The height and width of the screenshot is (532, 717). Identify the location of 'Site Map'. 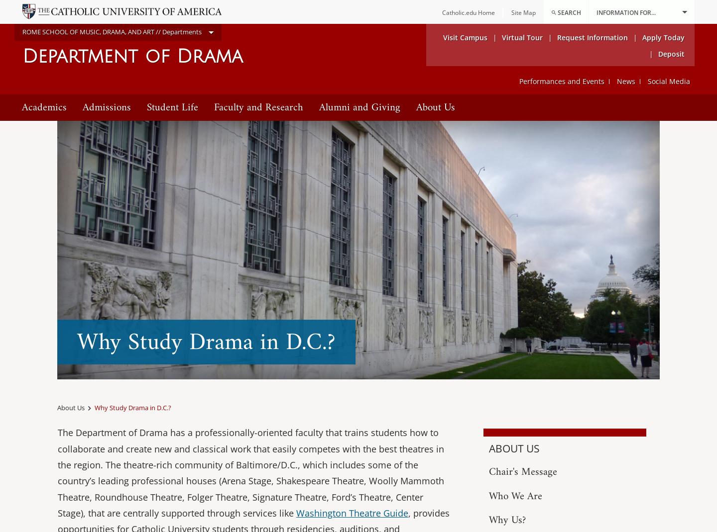
(523, 12).